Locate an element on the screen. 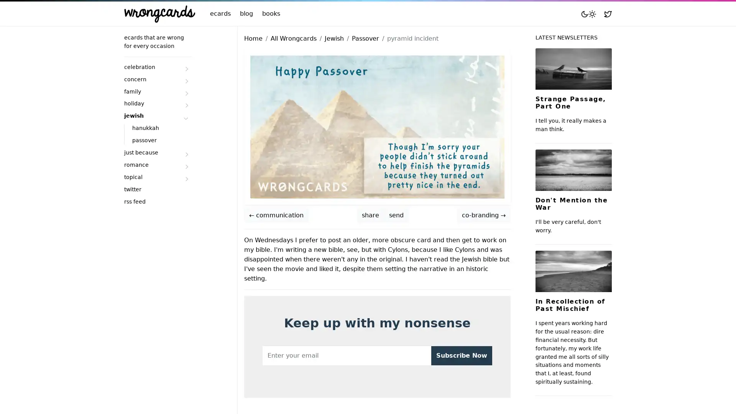  Submenu is located at coordinates (186, 68).